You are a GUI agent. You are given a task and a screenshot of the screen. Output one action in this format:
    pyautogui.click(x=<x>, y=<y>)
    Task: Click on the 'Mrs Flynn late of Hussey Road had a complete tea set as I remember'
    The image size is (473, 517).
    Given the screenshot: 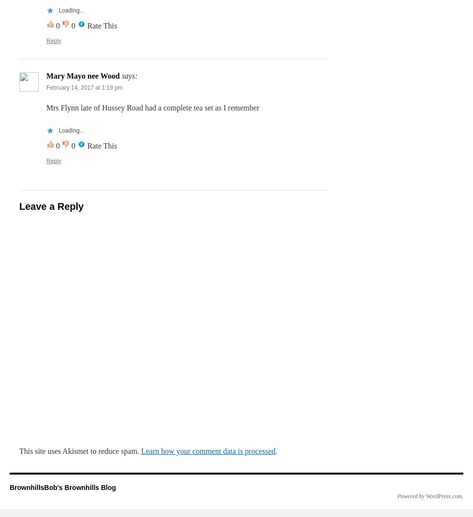 What is the action you would take?
    pyautogui.click(x=153, y=107)
    